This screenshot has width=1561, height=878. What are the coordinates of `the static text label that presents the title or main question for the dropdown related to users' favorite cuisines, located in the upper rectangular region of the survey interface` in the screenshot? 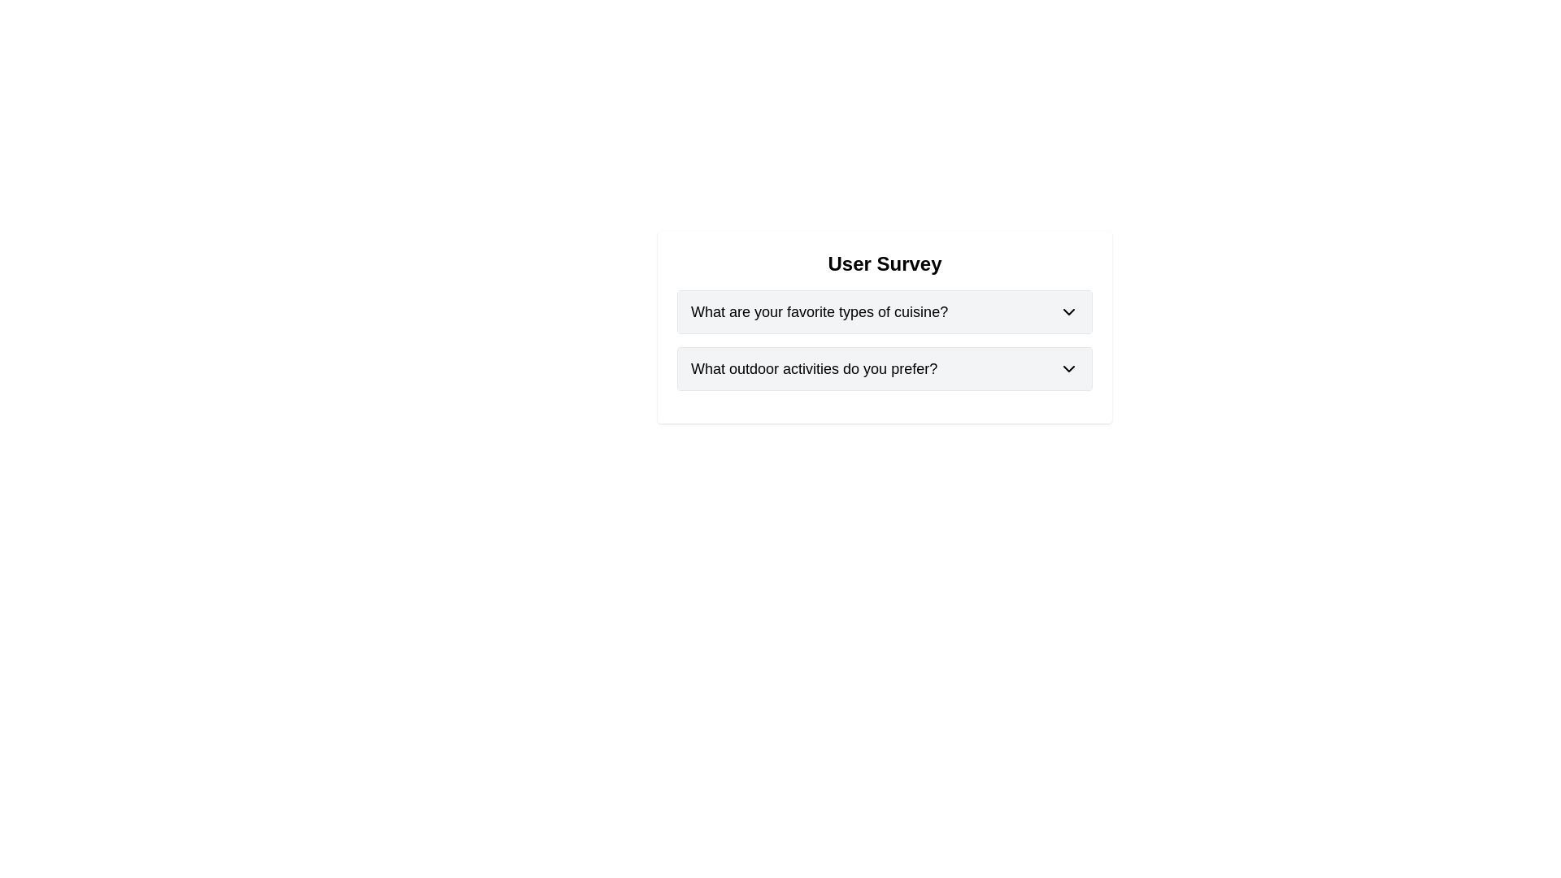 It's located at (820, 312).